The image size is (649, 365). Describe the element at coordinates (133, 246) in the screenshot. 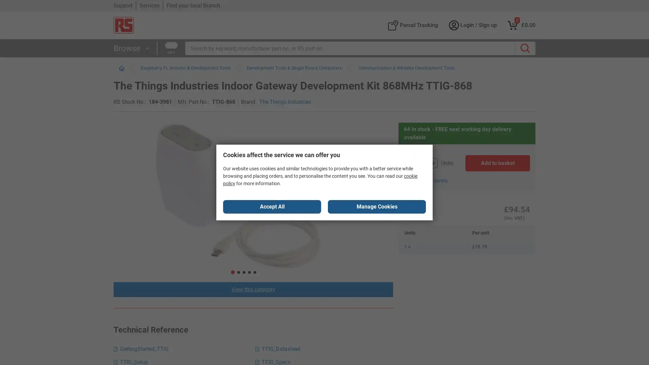

I see `Gallery asset 4 of 5` at that location.